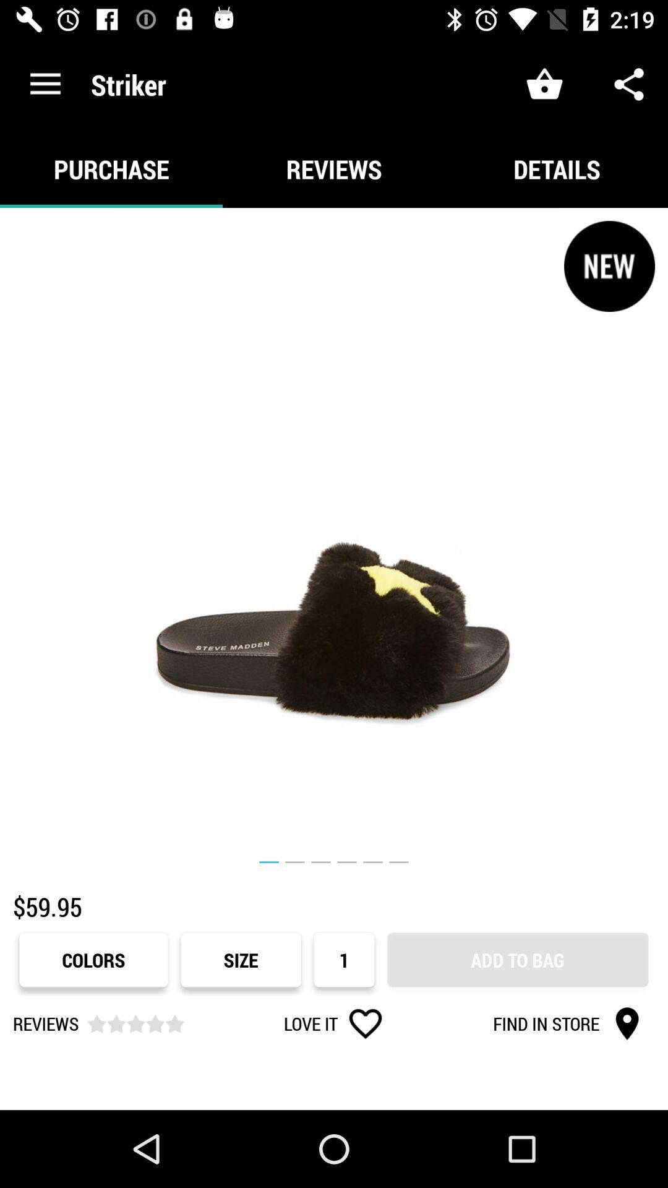 This screenshot has width=668, height=1188. Describe the element at coordinates (334, 542) in the screenshot. I see `the icon at the center` at that location.